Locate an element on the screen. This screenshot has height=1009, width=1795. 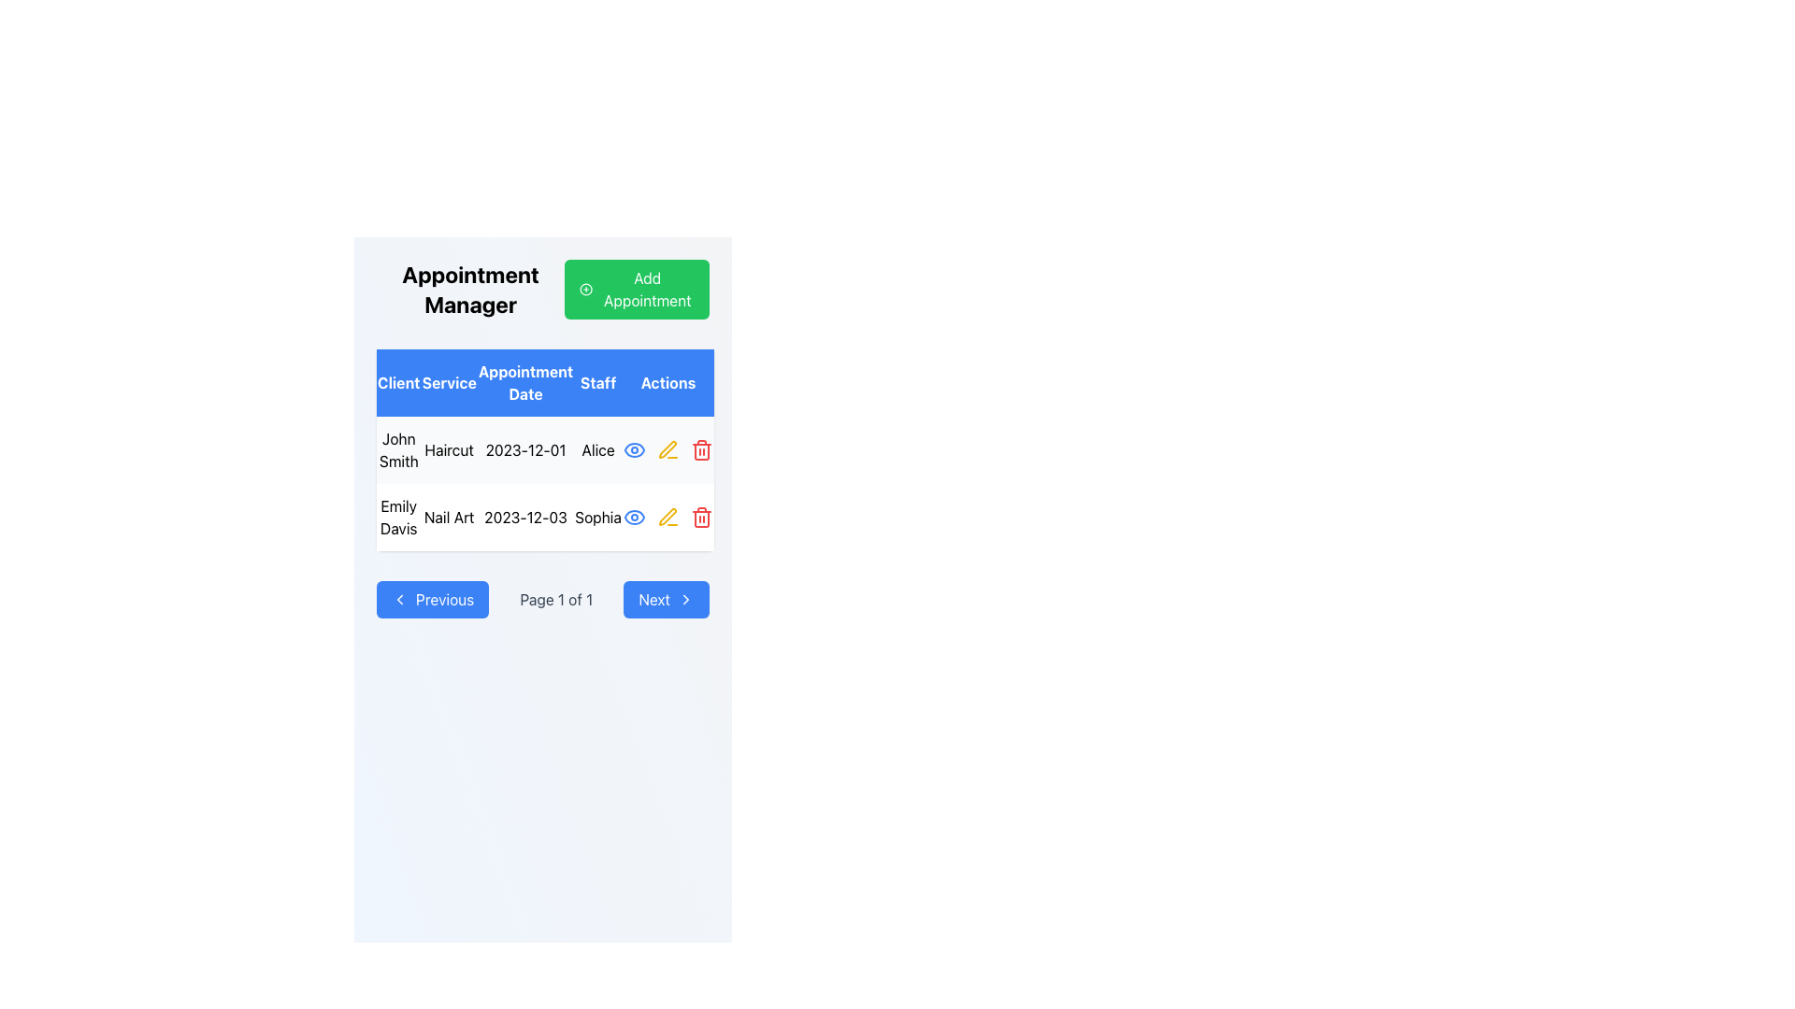
the edit button in the action section of the row containing 'Emily Davis' and 'Nail Art', which is the middle button of three icons is located at coordinates (668, 518).